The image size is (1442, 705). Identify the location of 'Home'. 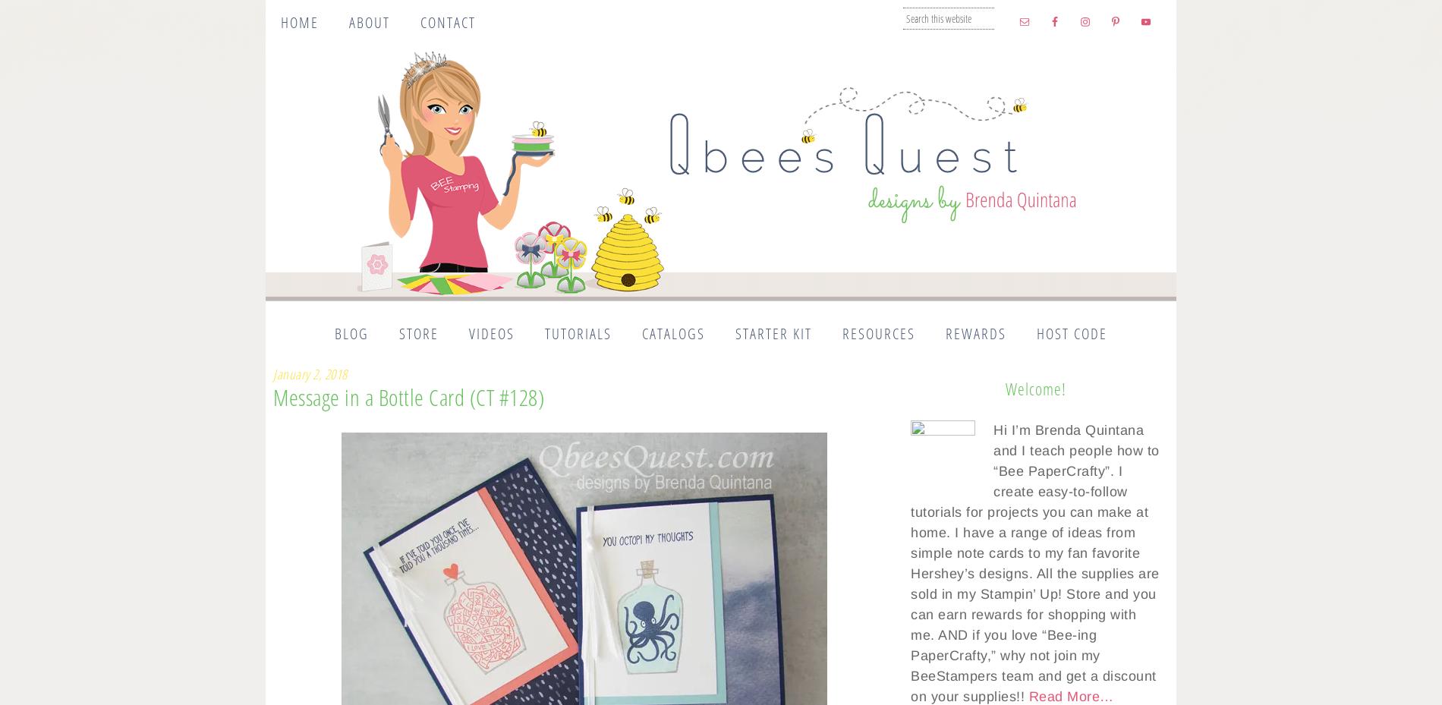
(279, 21).